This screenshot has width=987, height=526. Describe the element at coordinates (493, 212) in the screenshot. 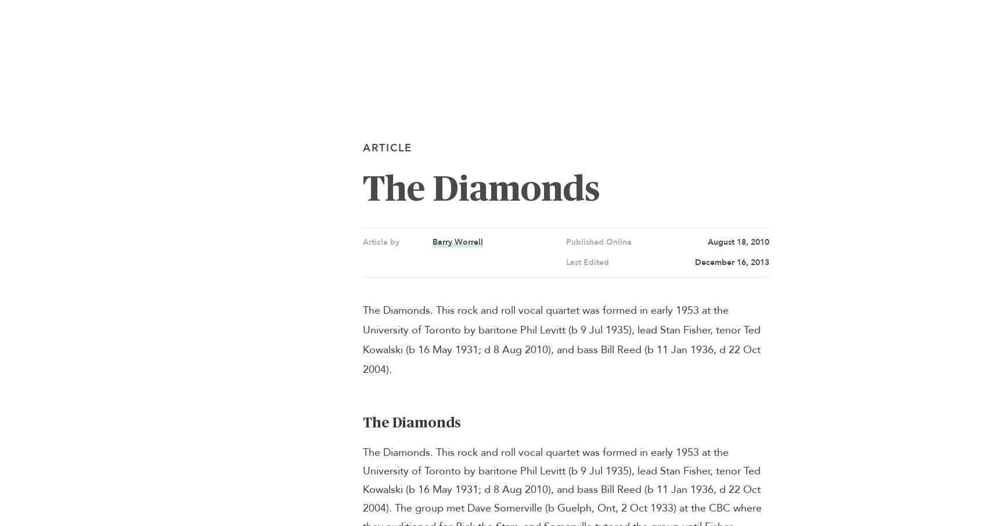

I see `'Search The Canadian Encyclopedia'` at that location.